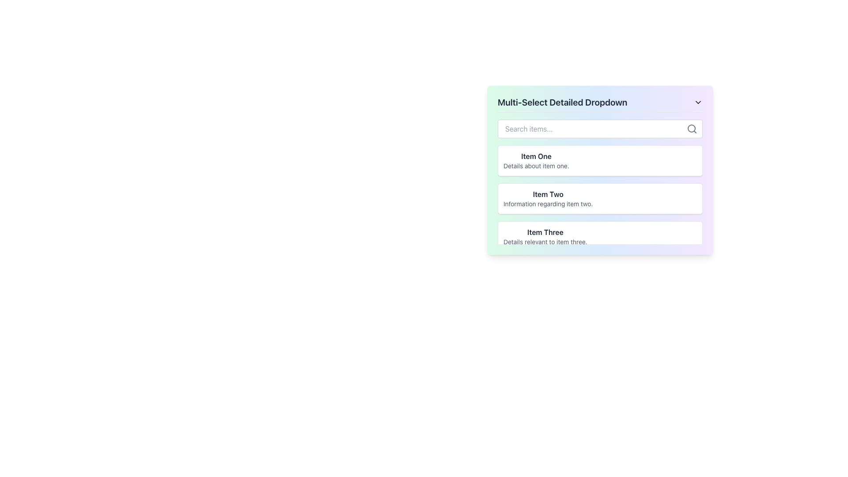  What do you see at coordinates (548, 193) in the screenshot?
I see `text label positioned in the middle of the 'Multi-Select Detailed Dropdown' interface, specifically the first line of text within the second item block, located between 'Item One' and 'Item Three'` at bounding box center [548, 193].